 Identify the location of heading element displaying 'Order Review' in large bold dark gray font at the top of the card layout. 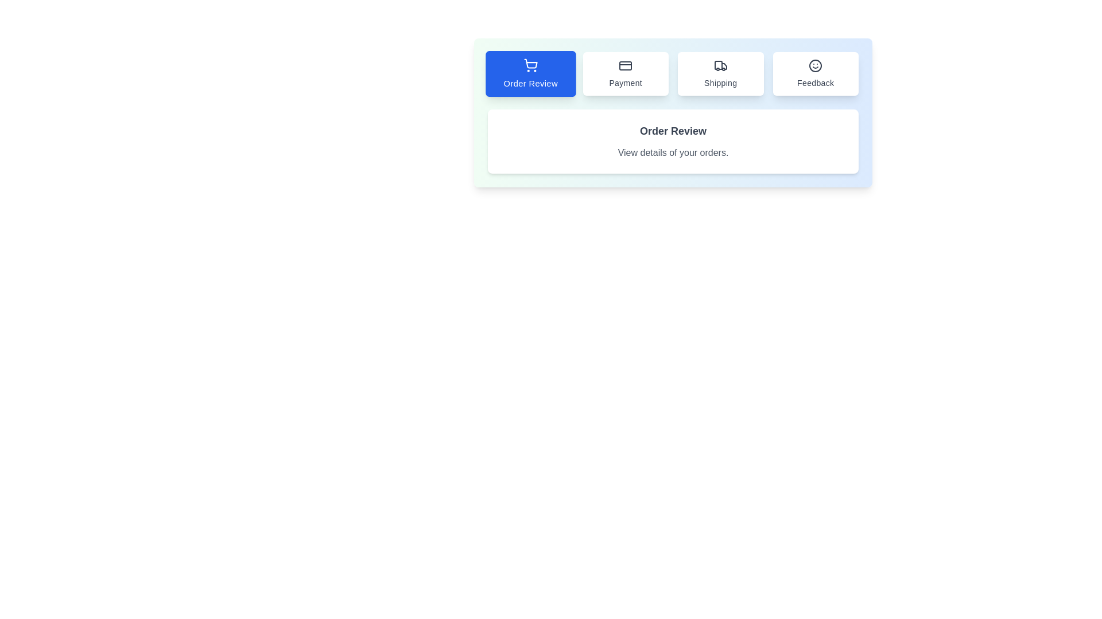
(673, 130).